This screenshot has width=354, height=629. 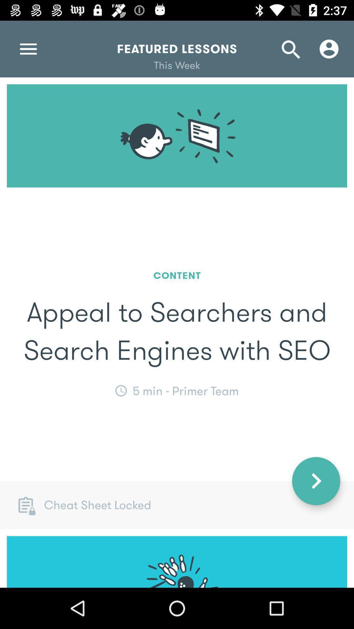 What do you see at coordinates (316, 481) in the screenshot?
I see `the arrow_forward icon` at bounding box center [316, 481].